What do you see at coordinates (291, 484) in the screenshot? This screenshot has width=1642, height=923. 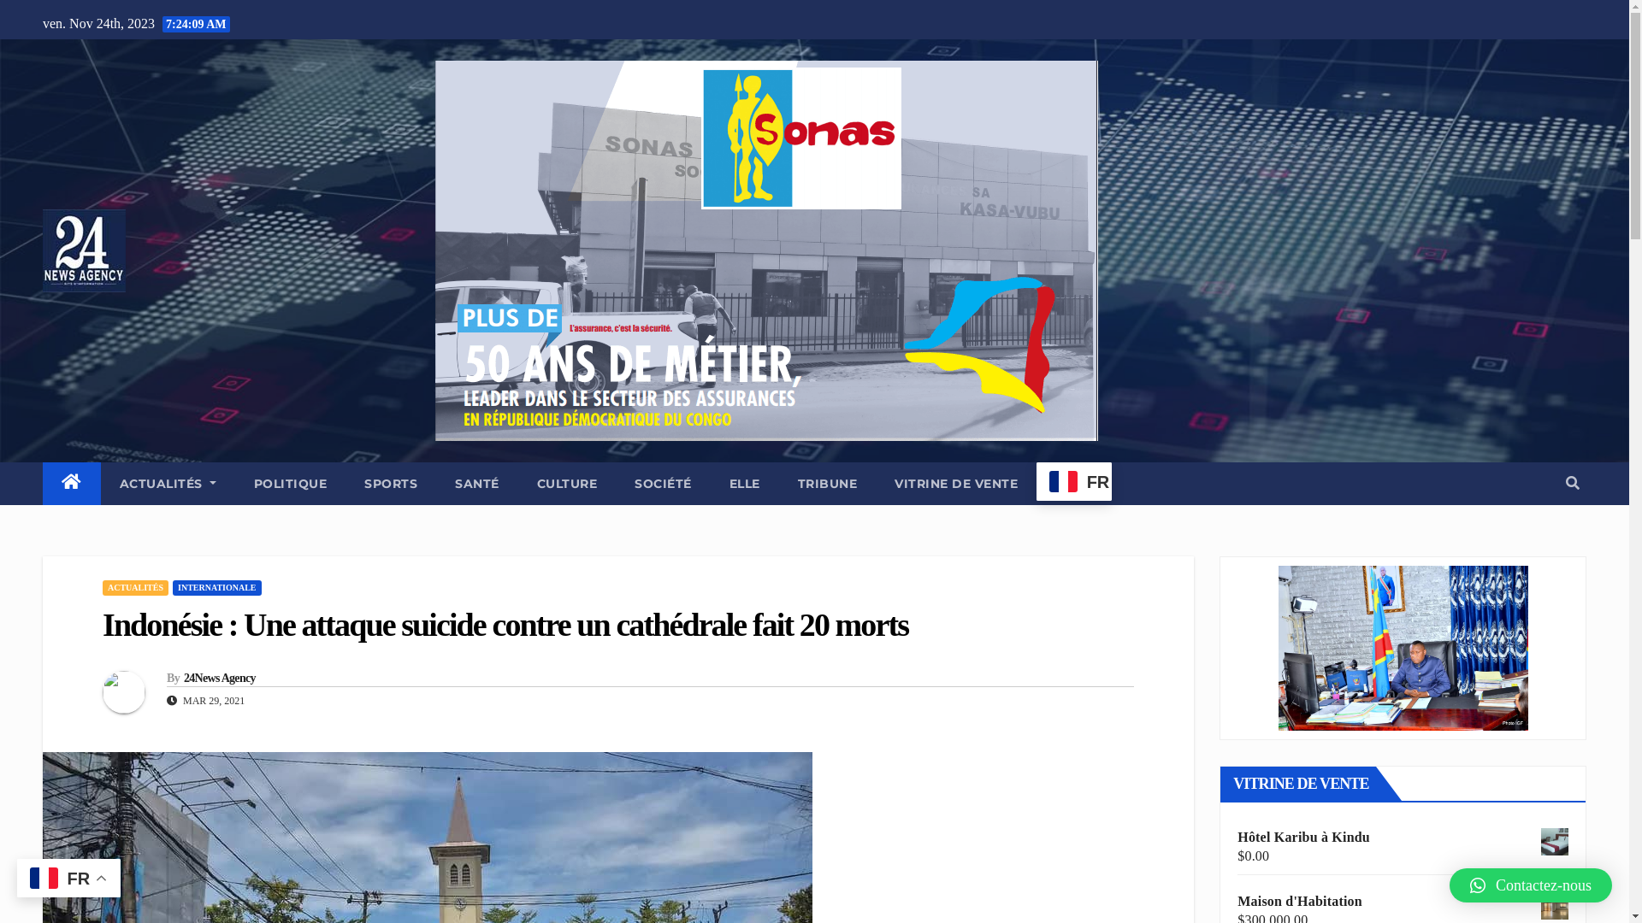 I see `'POLITIQUE'` at bounding box center [291, 484].